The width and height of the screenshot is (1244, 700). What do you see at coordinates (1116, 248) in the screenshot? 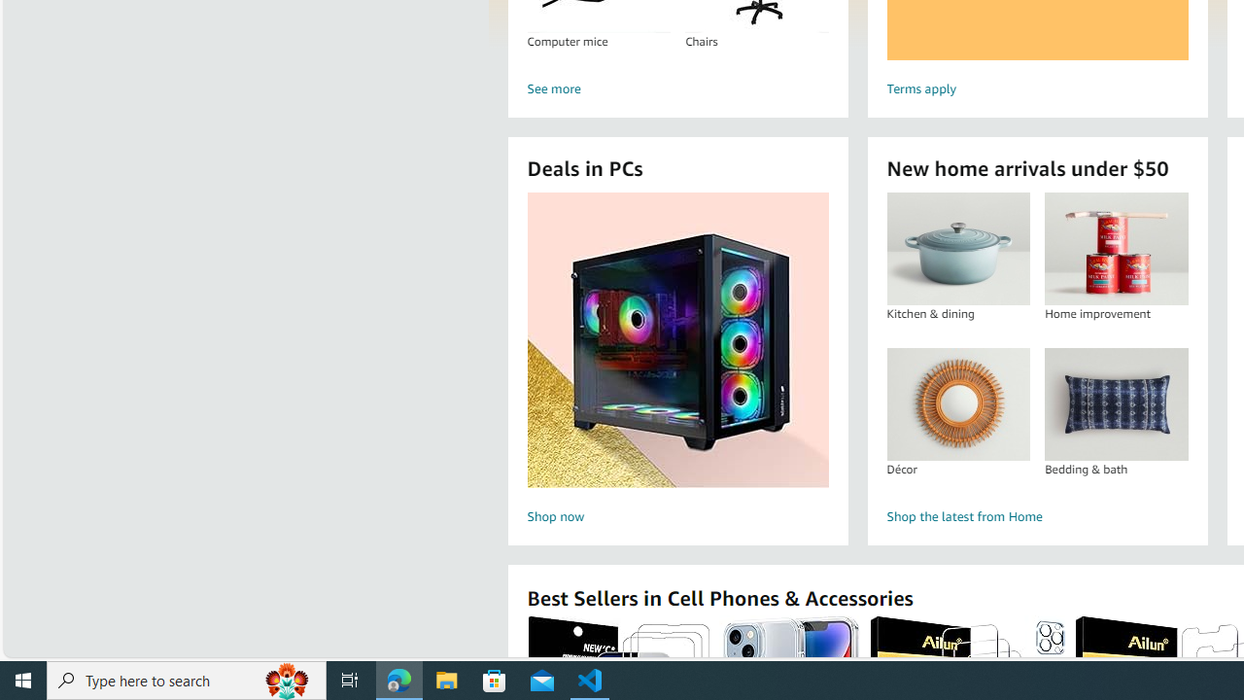
I see `'Home improvement'` at bounding box center [1116, 248].